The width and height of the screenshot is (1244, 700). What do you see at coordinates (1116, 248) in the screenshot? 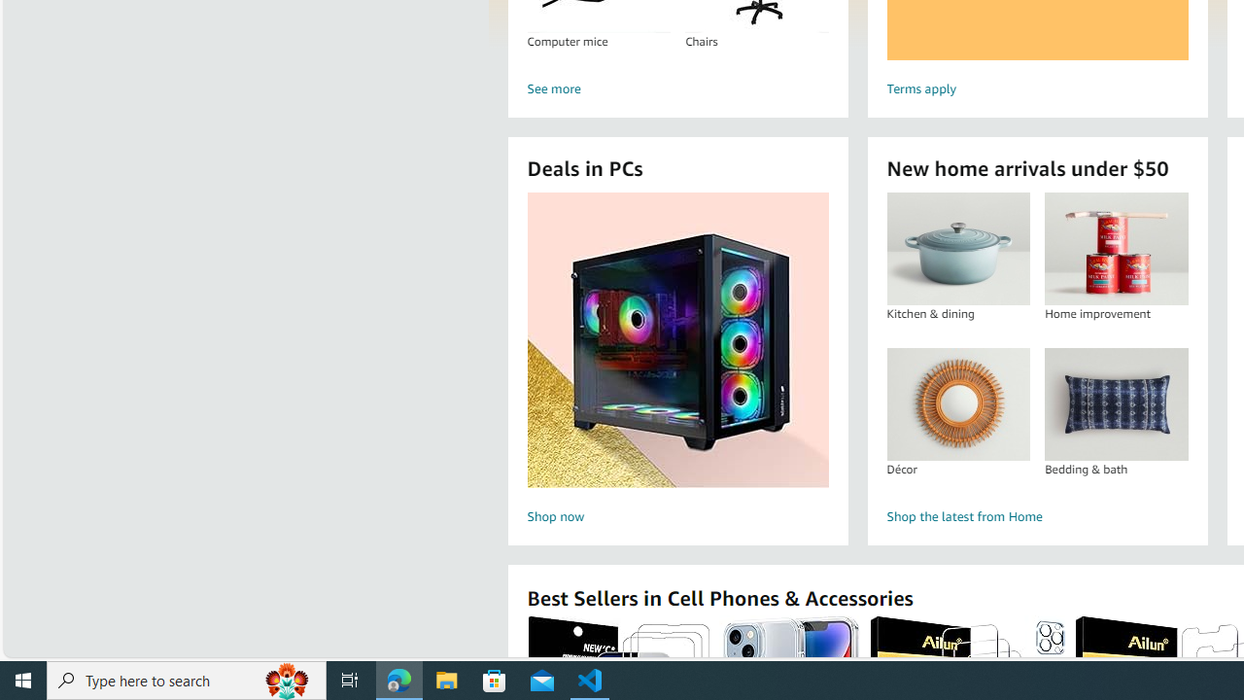
I see `'Home improvement'` at bounding box center [1116, 248].